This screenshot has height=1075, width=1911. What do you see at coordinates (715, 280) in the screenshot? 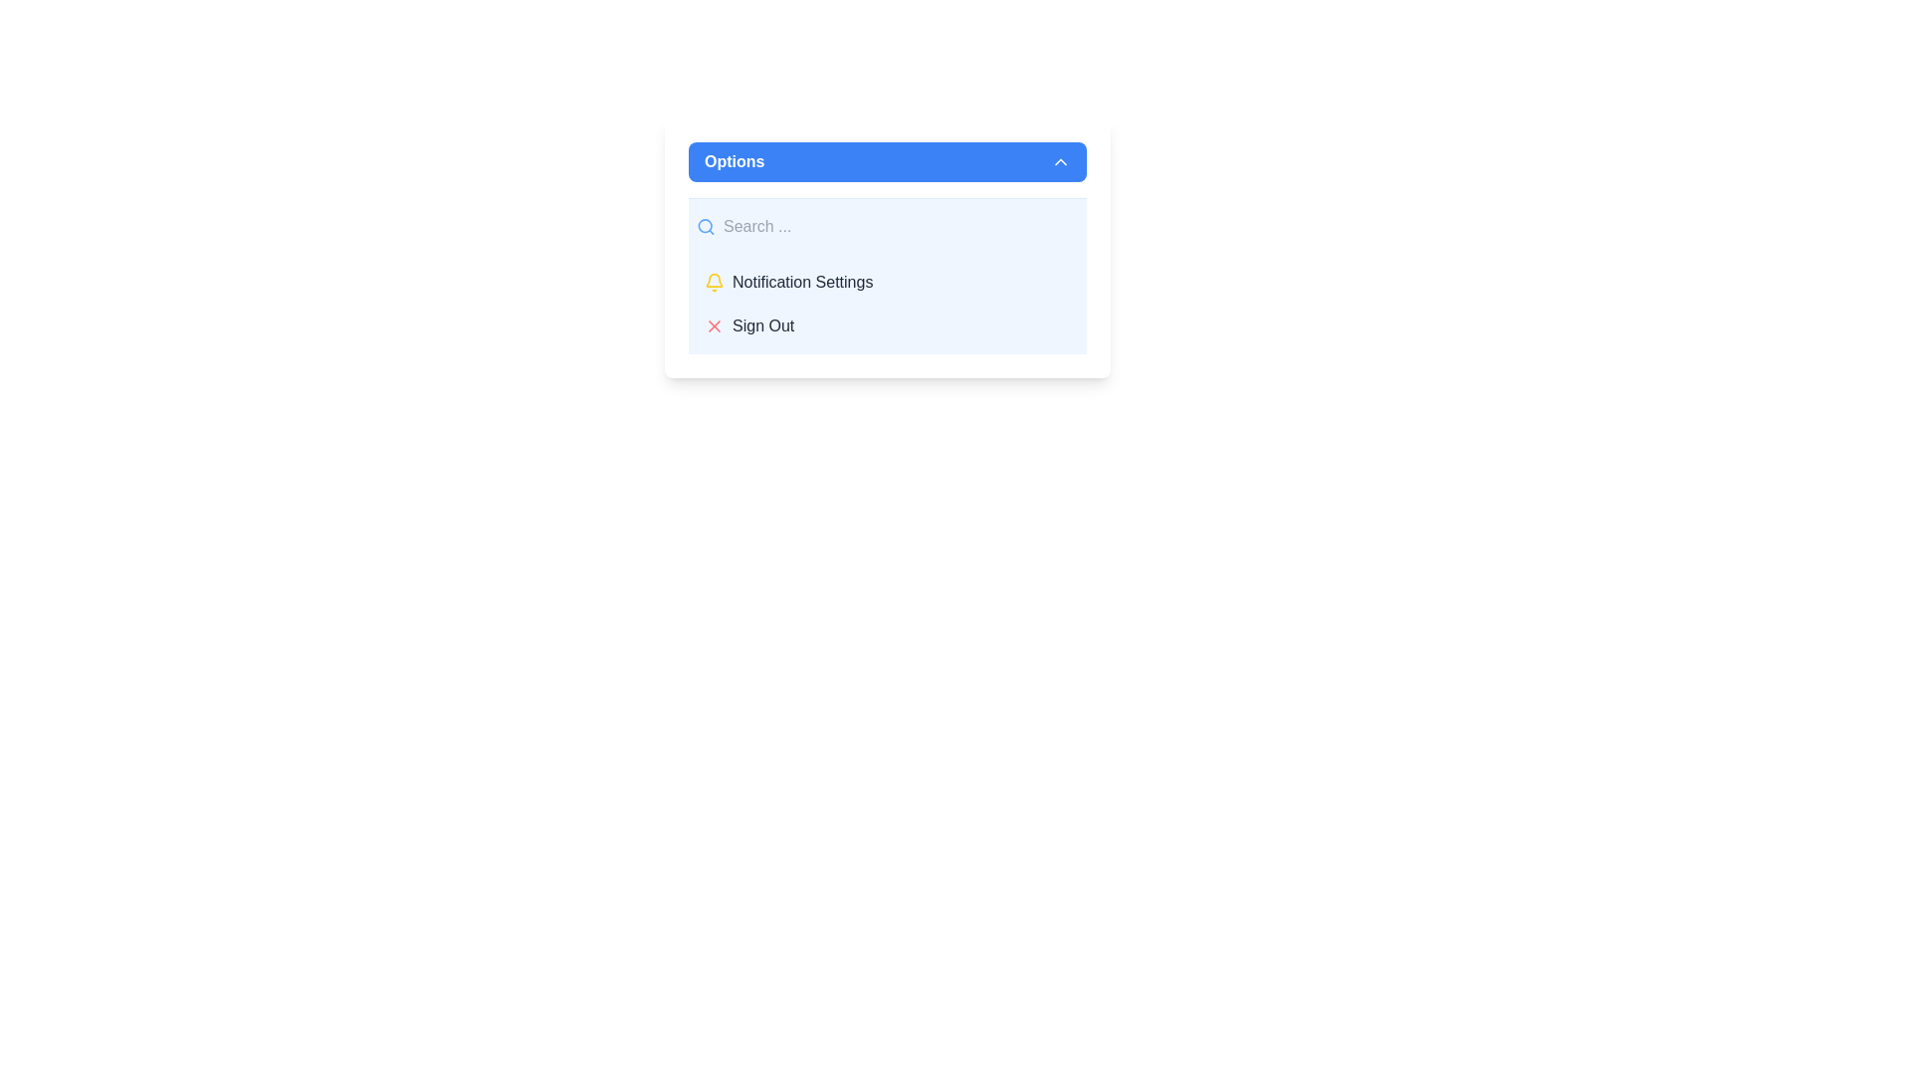
I see `the bell icon located near the top of the options menu, which represents notifications and is positioned to the left of the 'Notification Settings' text` at bounding box center [715, 280].